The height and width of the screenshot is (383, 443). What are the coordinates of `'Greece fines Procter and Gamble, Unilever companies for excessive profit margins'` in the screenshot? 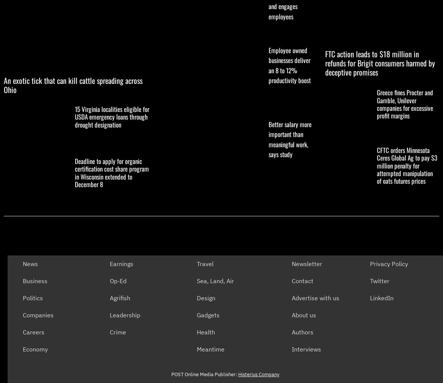 It's located at (405, 104).